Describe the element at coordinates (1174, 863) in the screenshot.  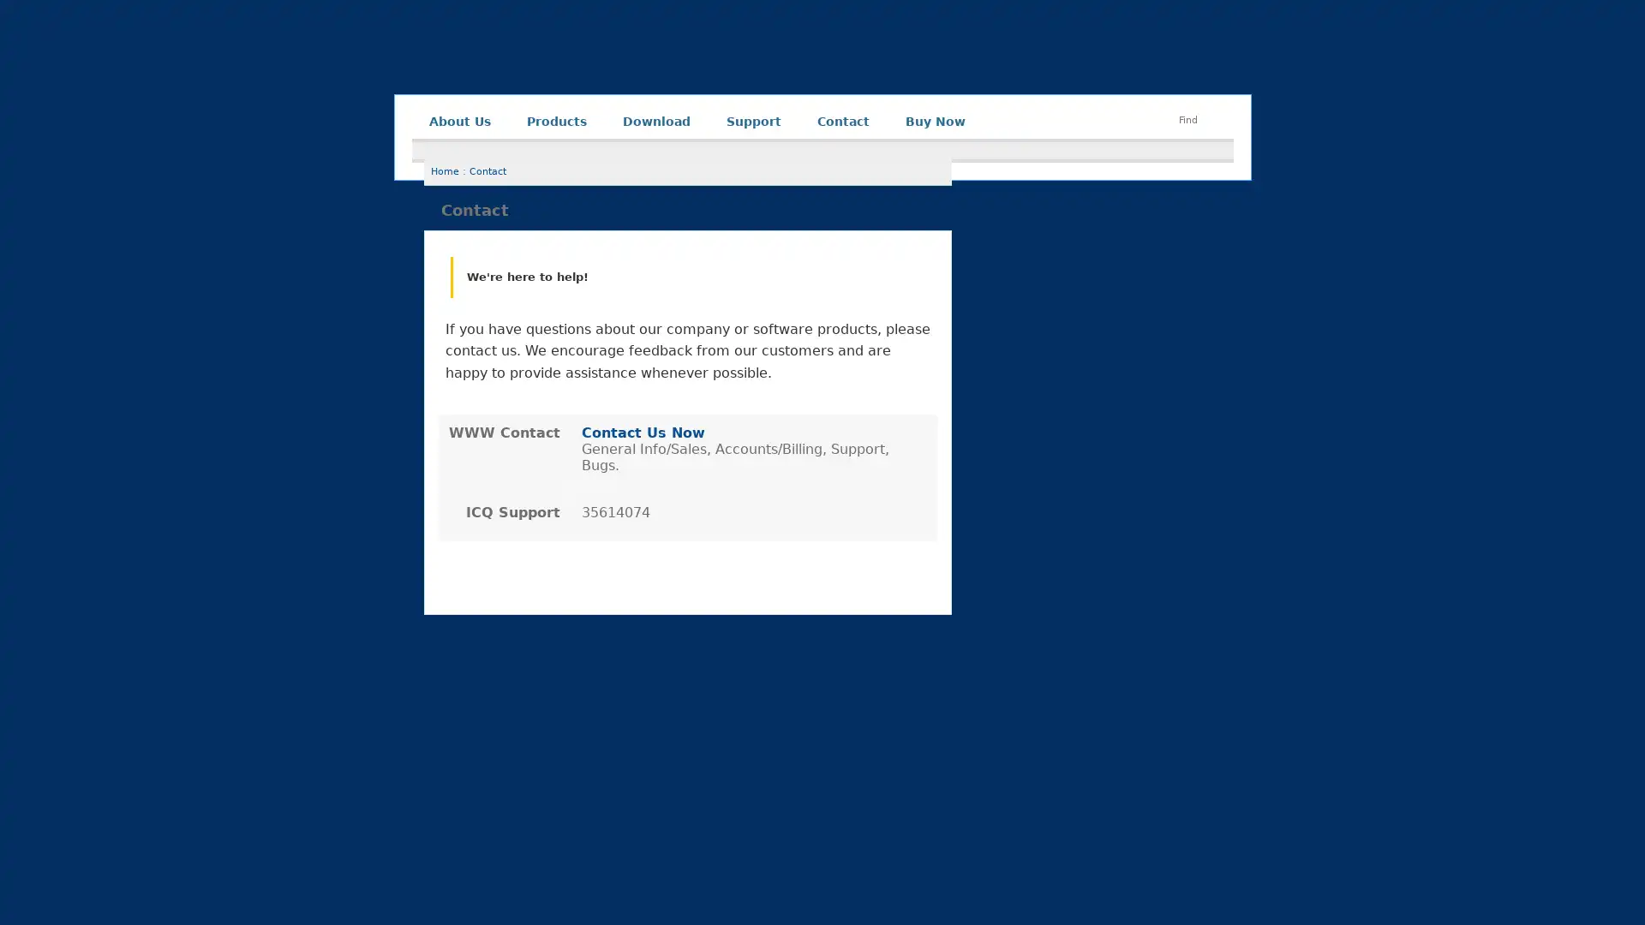
I see `Go` at that location.